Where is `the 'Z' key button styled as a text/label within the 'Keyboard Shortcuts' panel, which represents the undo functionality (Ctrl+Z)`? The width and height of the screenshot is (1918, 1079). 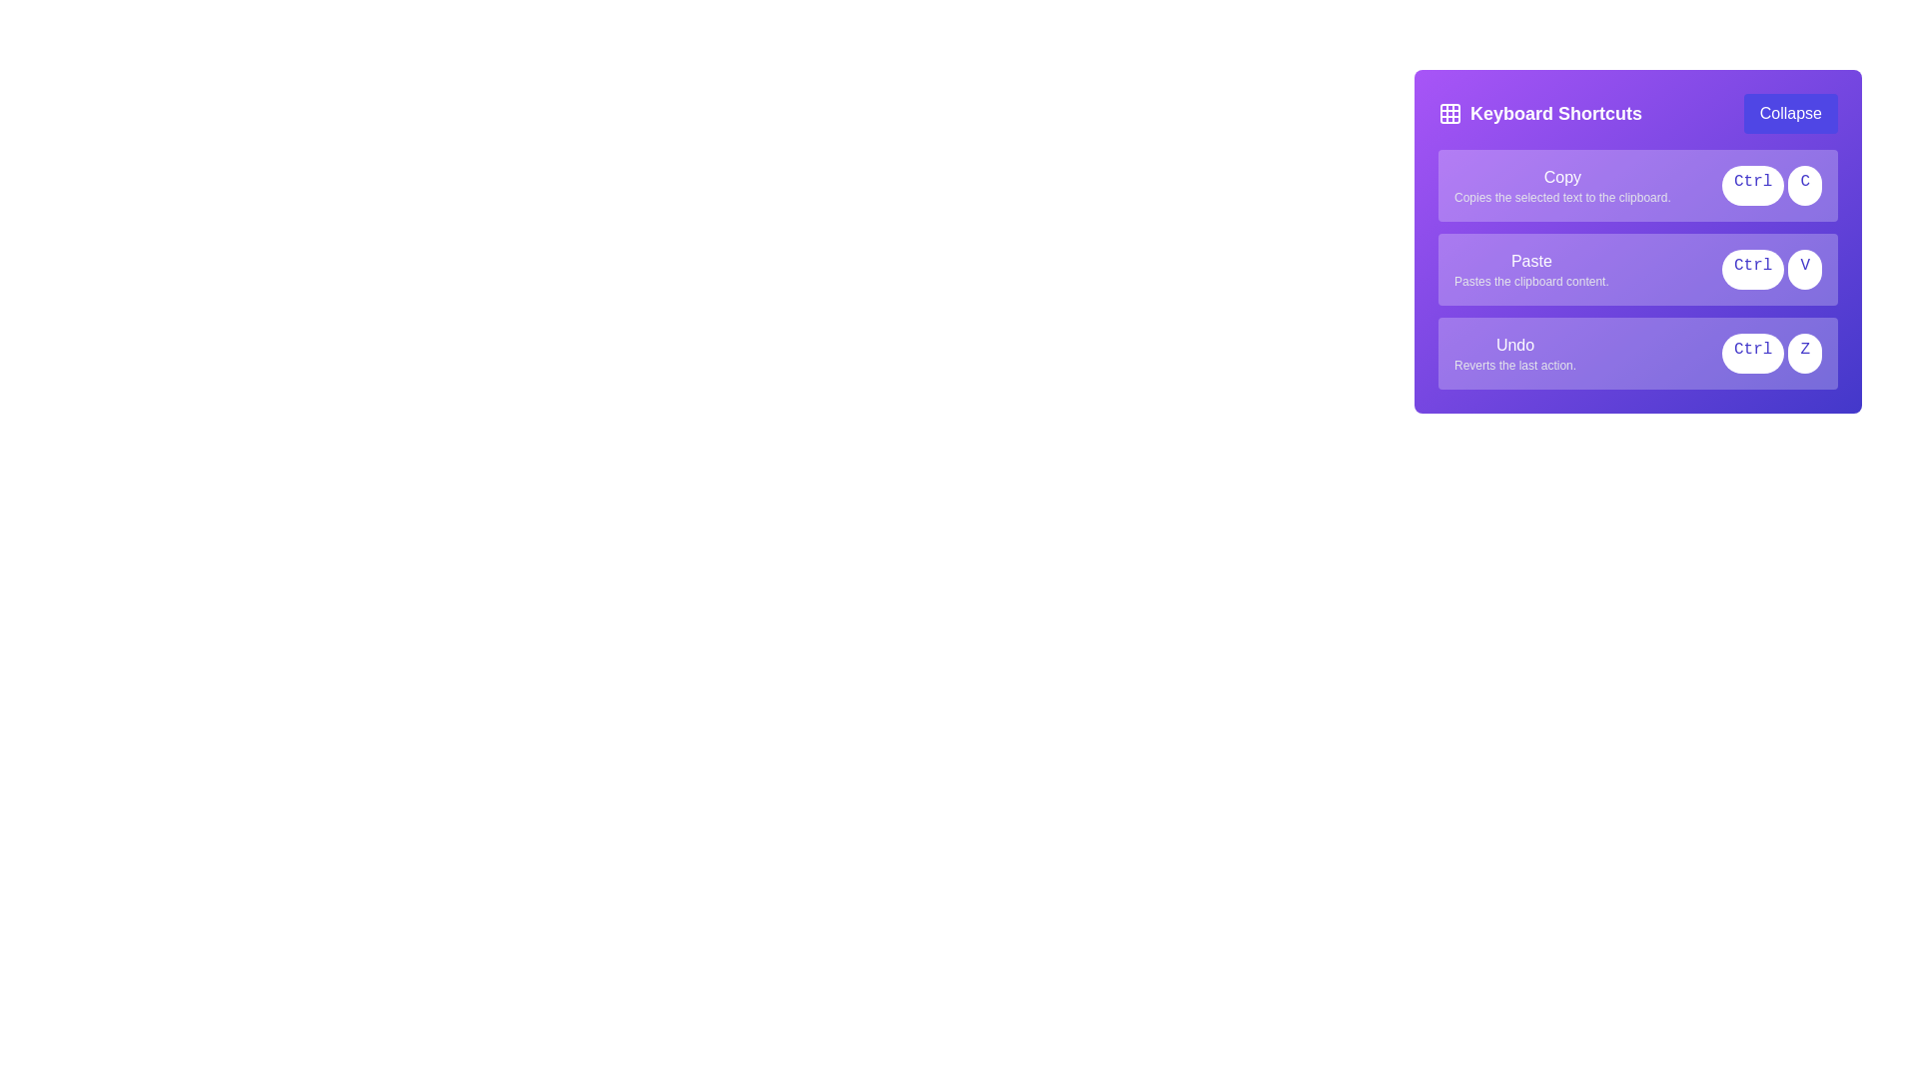
the 'Z' key button styled as a text/label within the 'Keyboard Shortcuts' panel, which represents the undo functionality (Ctrl+Z) is located at coordinates (1805, 353).